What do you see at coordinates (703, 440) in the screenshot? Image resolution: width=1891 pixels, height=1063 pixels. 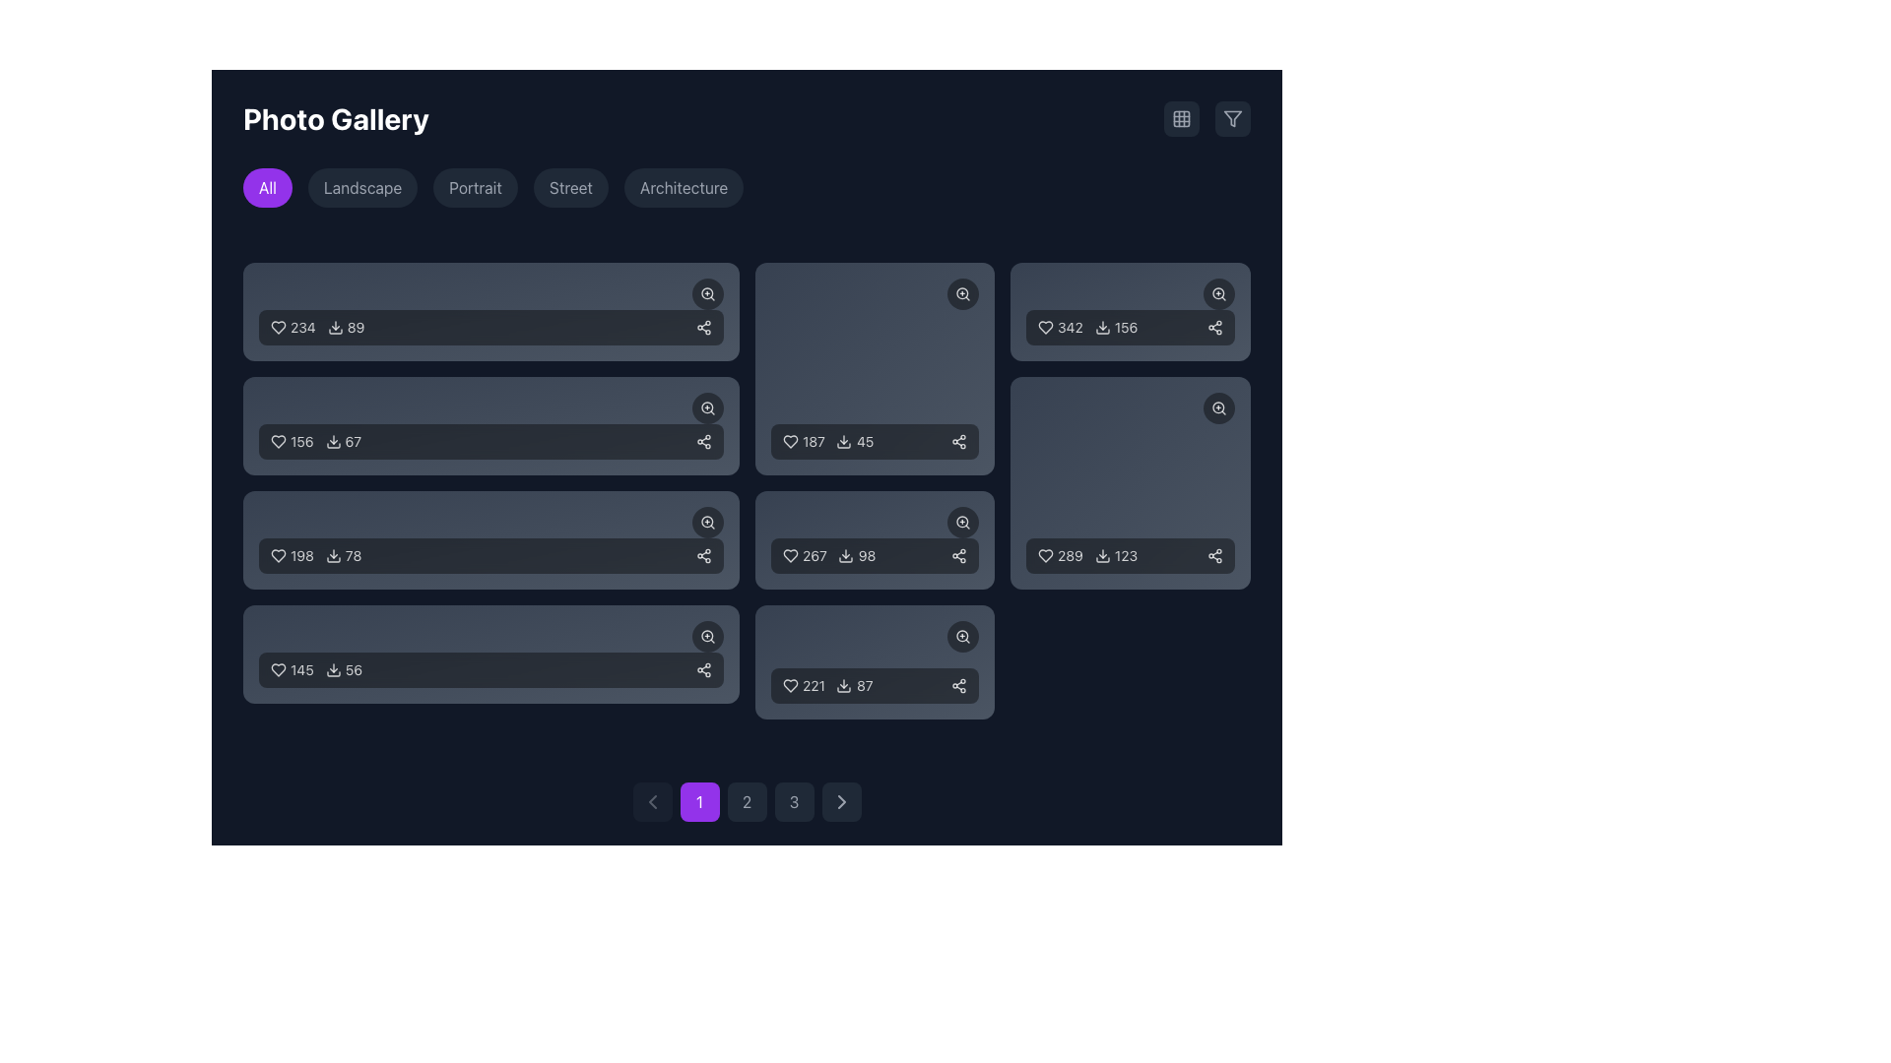 I see `the share button located in the bottom-right corner of the second horizontal bar in the grid of photo entries` at bounding box center [703, 440].